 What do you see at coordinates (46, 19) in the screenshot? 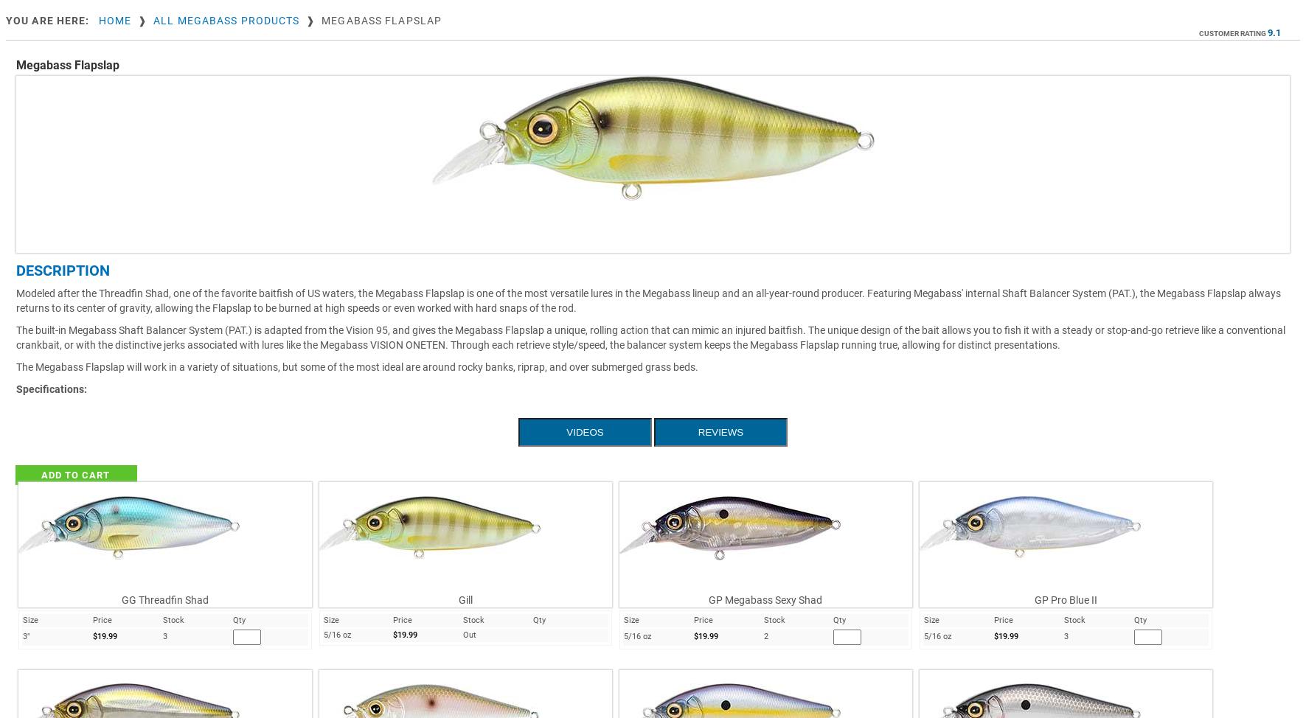
I see `'You Are Here:'` at bounding box center [46, 19].